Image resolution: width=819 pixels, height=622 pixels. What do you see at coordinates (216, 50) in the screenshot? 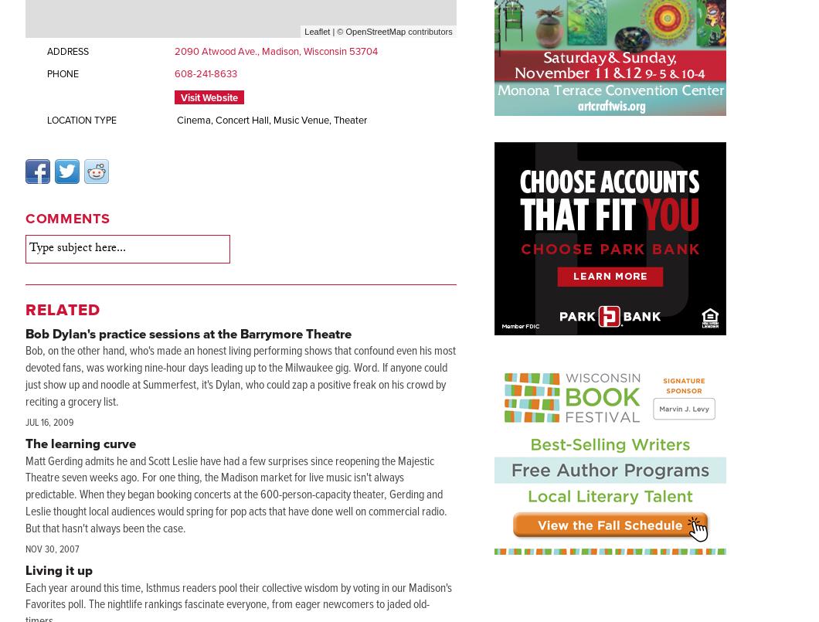
I see `'2090 Atwood Ave.'` at bounding box center [216, 50].